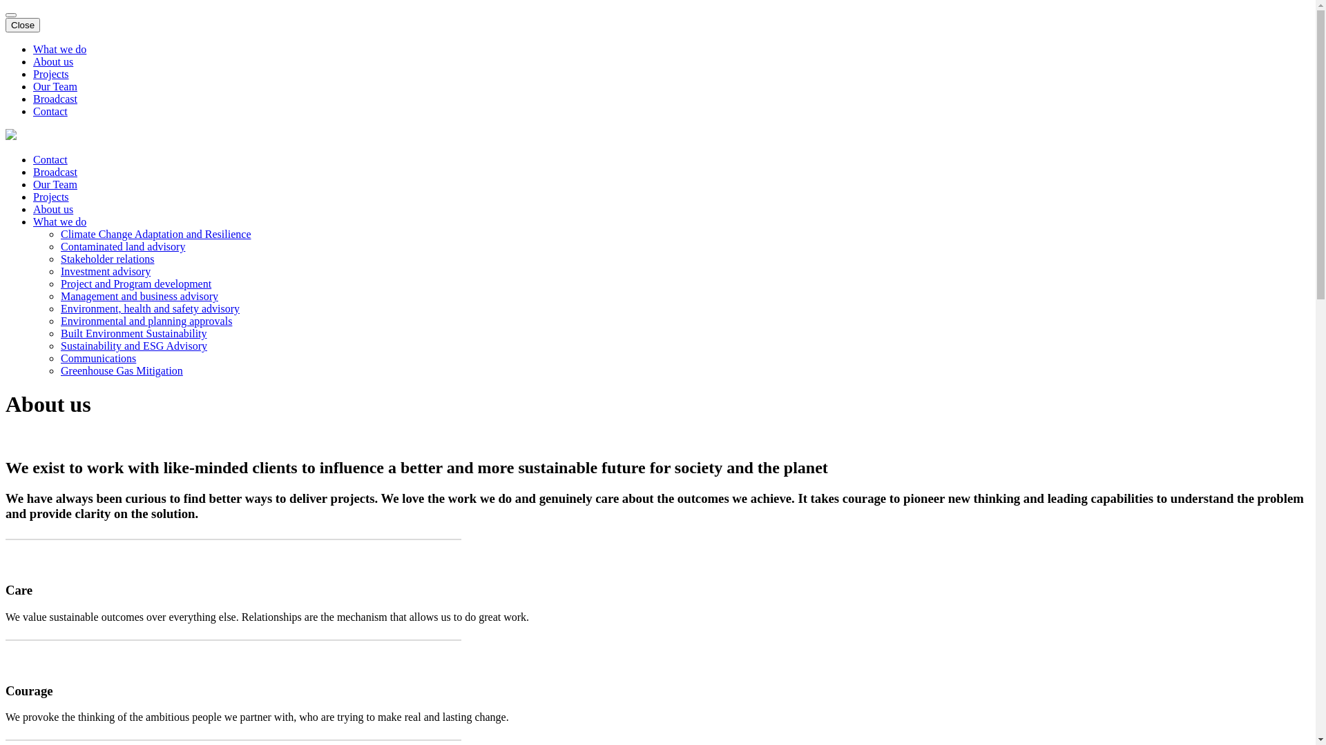  I want to click on 'Investment advisory', so click(59, 271).